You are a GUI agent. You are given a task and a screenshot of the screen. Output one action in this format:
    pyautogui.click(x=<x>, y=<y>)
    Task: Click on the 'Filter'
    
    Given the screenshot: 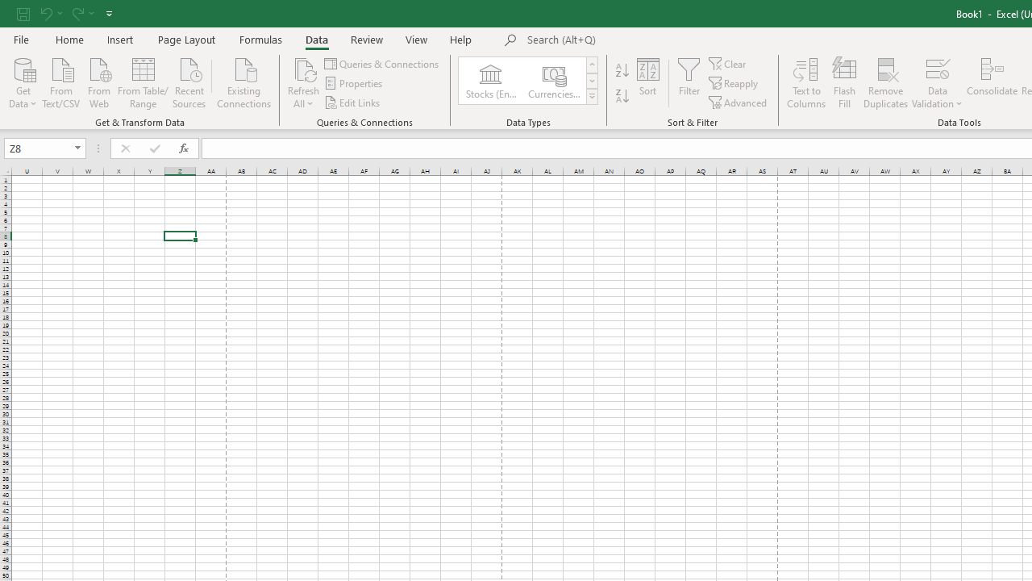 What is the action you would take?
    pyautogui.click(x=689, y=83)
    